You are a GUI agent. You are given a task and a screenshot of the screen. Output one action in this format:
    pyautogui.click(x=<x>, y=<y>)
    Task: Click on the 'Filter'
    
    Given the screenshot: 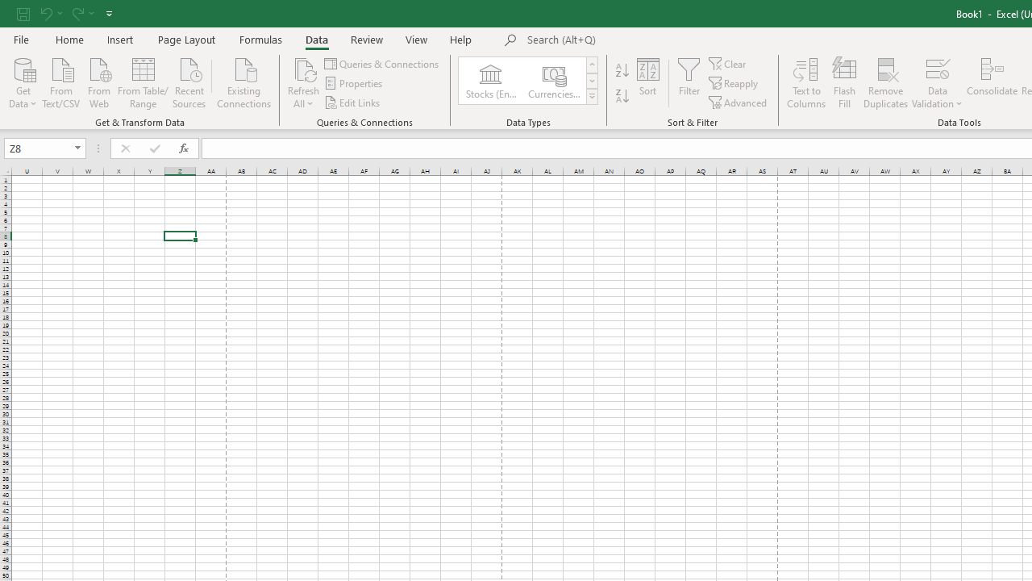 What is the action you would take?
    pyautogui.click(x=689, y=83)
    